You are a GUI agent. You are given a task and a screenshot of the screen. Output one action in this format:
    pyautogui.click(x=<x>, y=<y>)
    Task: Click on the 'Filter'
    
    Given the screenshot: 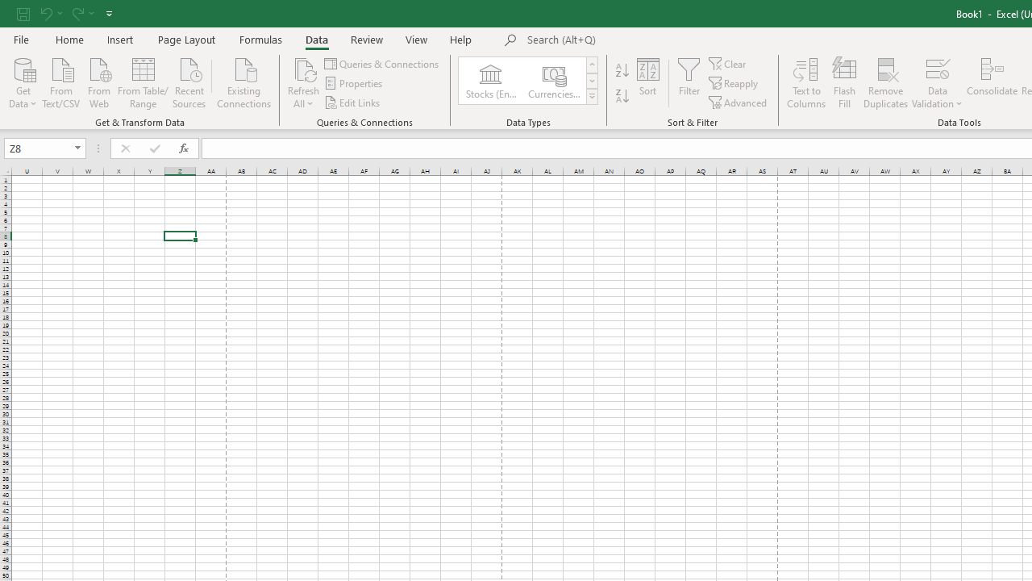 What is the action you would take?
    pyautogui.click(x=689, y=83)
    